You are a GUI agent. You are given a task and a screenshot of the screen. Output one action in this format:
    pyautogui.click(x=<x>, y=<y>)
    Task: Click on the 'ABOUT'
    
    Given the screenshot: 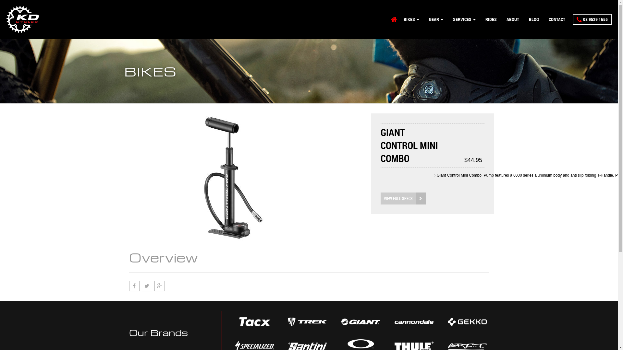 What is the action you would take?
    pyautogui.click(x=512, y=19)
    